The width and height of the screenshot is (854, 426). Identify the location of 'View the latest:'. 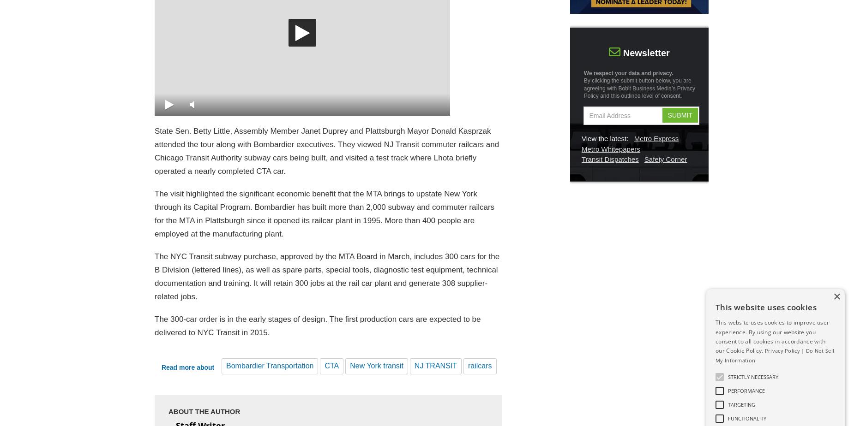
(604, 138).